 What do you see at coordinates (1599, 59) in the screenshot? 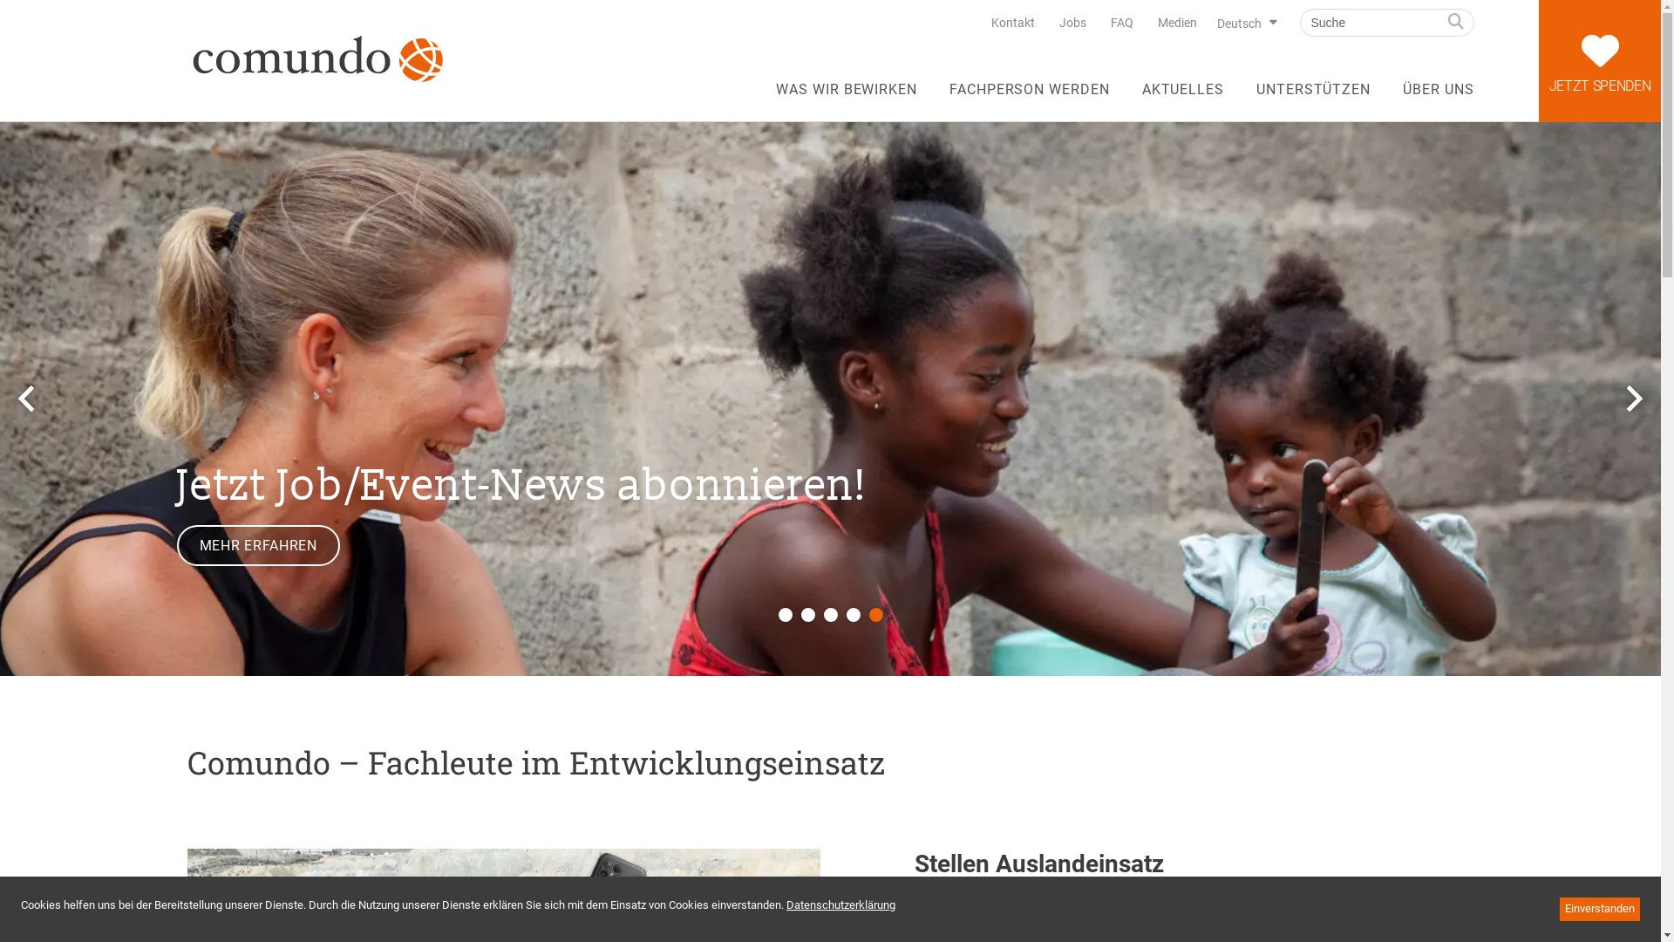
I see `'JETZT SPENDEN'` at bounding box center [1599, 59].